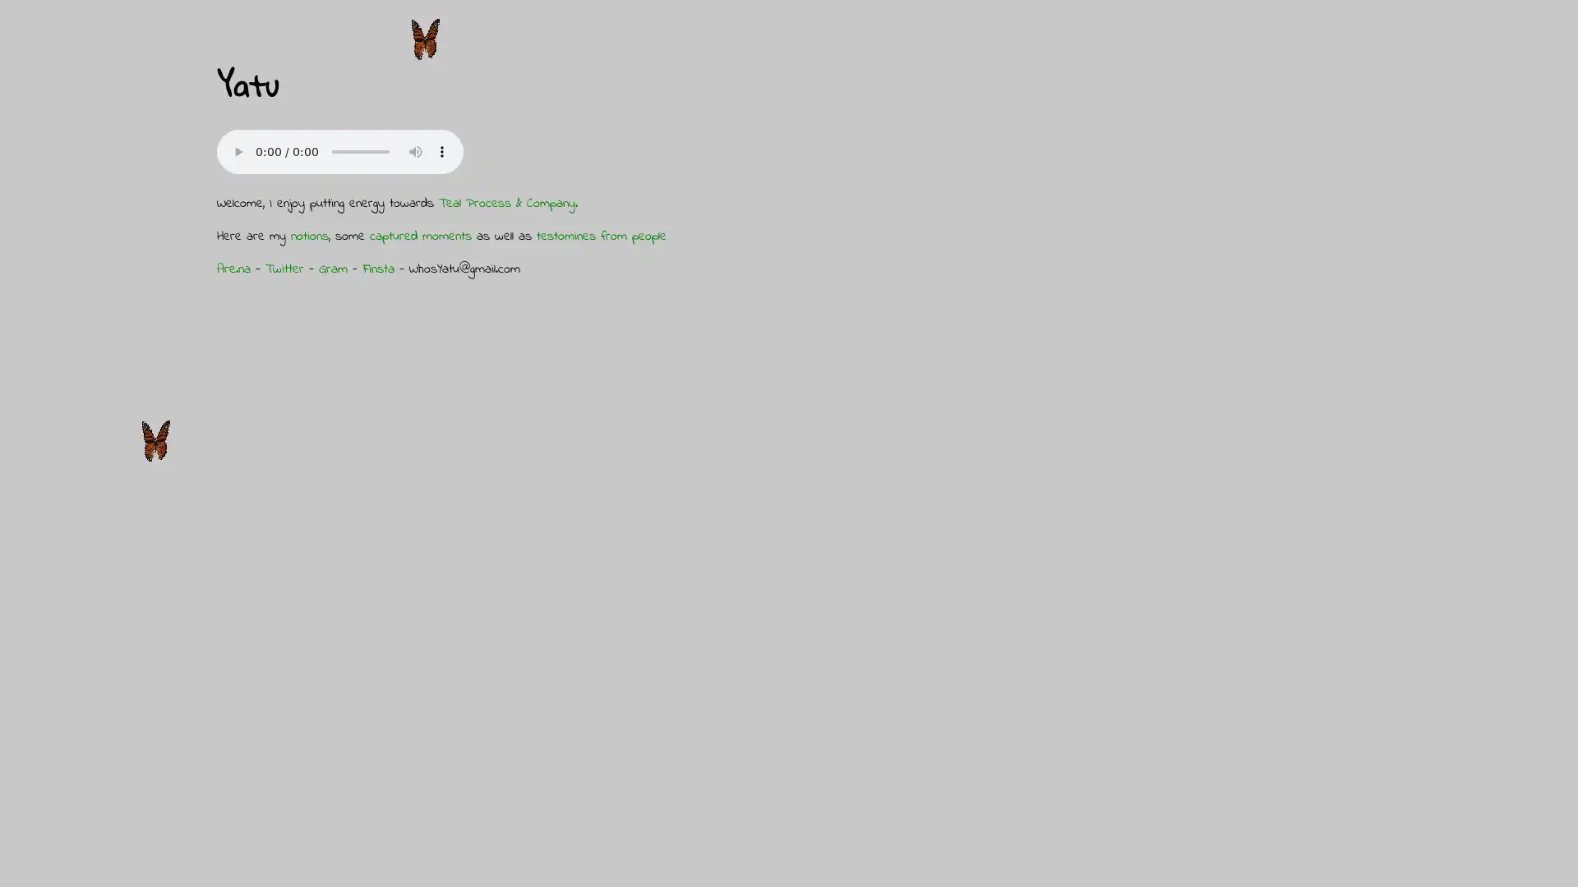  I want to click on play, so click(237, 151).